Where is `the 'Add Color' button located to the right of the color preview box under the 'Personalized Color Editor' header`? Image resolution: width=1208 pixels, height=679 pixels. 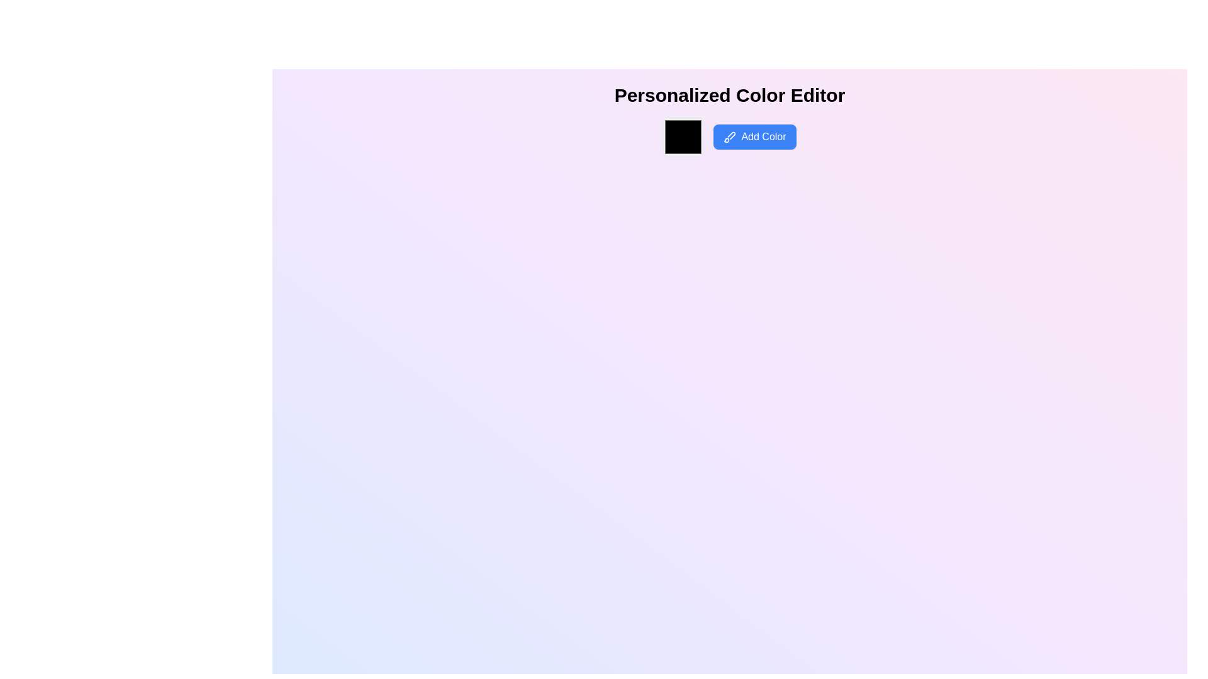
the 'Add Color' button located to the right of the color preview box under the 'Personalized Color Editor' header is located at coordinates (730, 141).